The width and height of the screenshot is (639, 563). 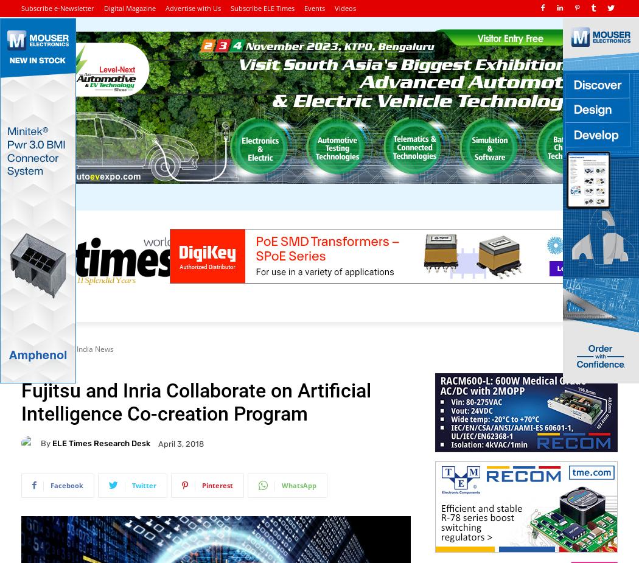 What do you see at coordinates (158, 443) in the screenshot?
I see `'April 3, 2018'` at bounding box center [158, 443].